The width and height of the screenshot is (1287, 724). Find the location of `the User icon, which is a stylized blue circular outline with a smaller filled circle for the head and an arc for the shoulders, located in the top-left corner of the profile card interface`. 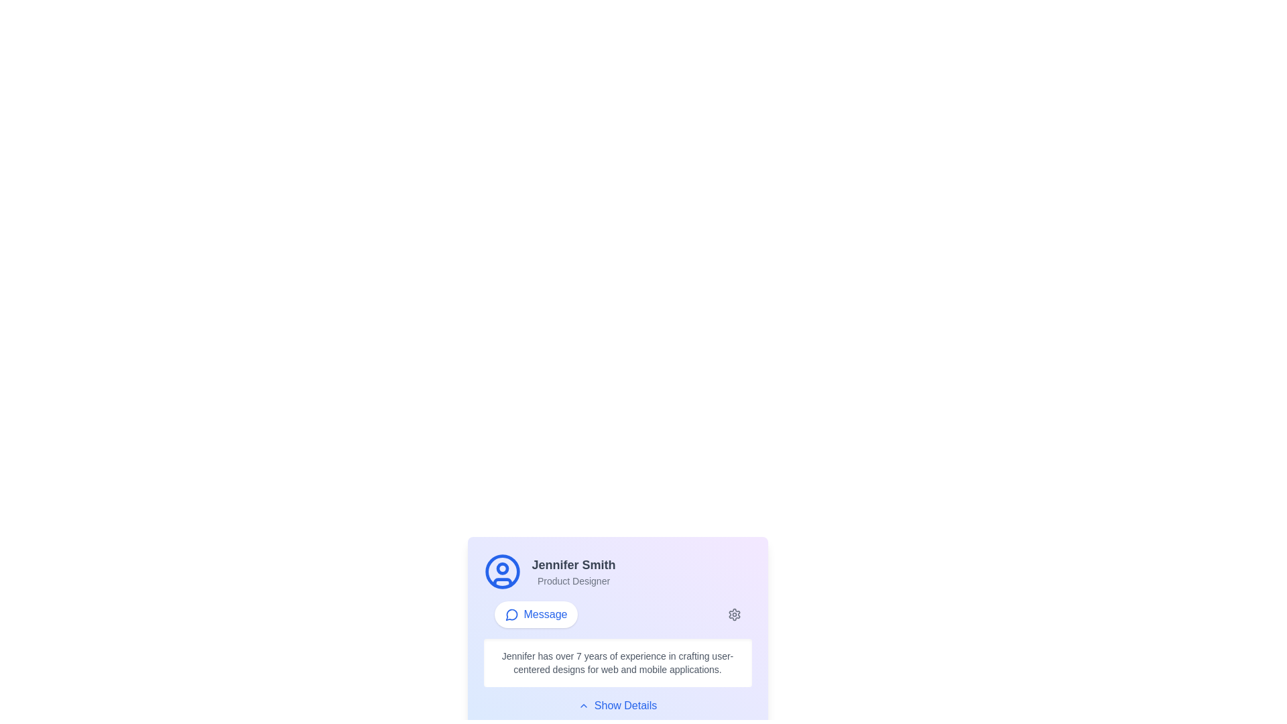

the User icon, which is a stylized blue circular outline with a smaller filled circle for the head and an arc for the shoulders, located in the top-left corner of the profile card interface is located at coordinates (501, 571).